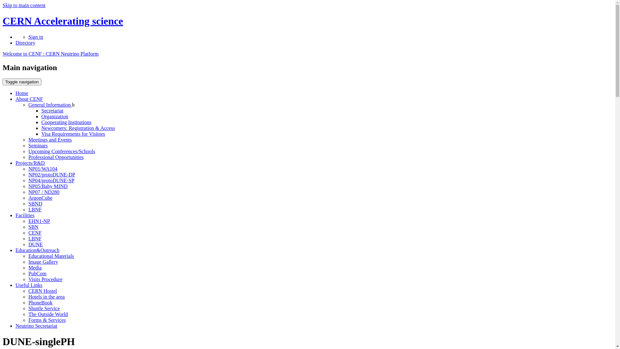  What do you see at coordinates (15, 250) in the screenshot?
I see `'Education&Outreach'` at bounding box center [15, 250].